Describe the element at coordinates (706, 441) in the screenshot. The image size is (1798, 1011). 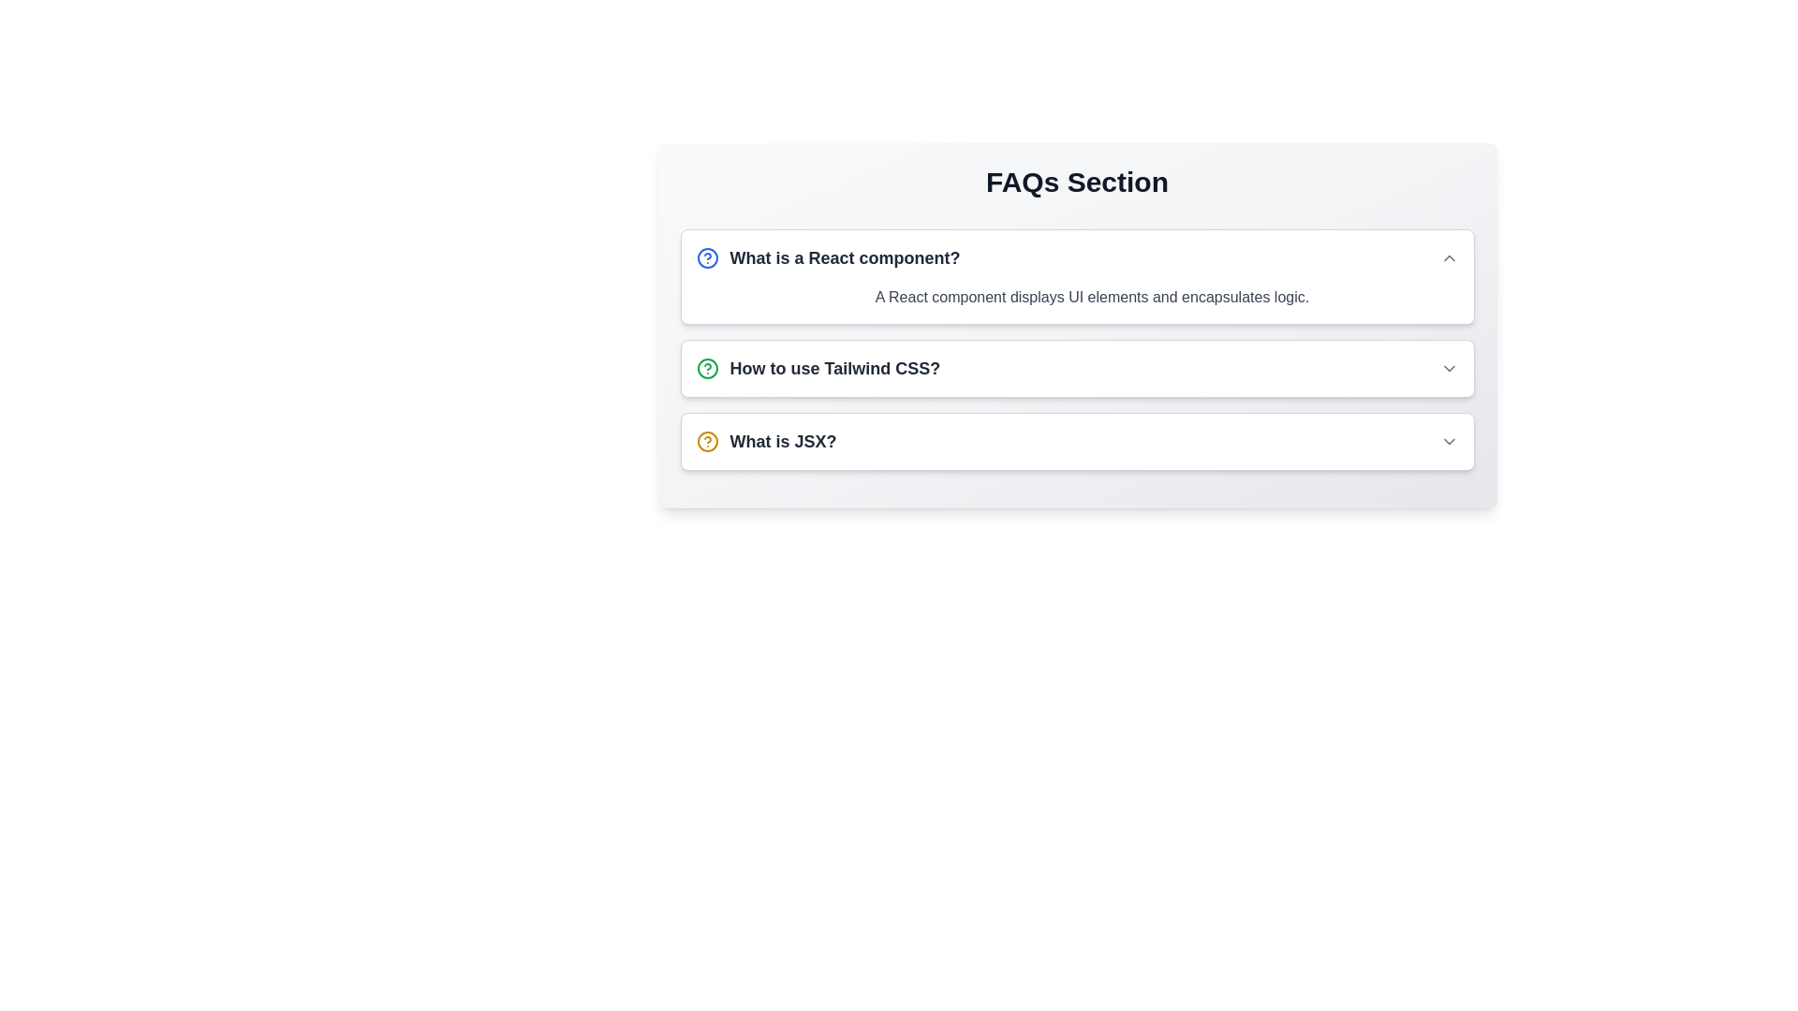
I see `the decorative or informative icon located to the left of the text 'What is JSX?' in the FAQ list` at that location.